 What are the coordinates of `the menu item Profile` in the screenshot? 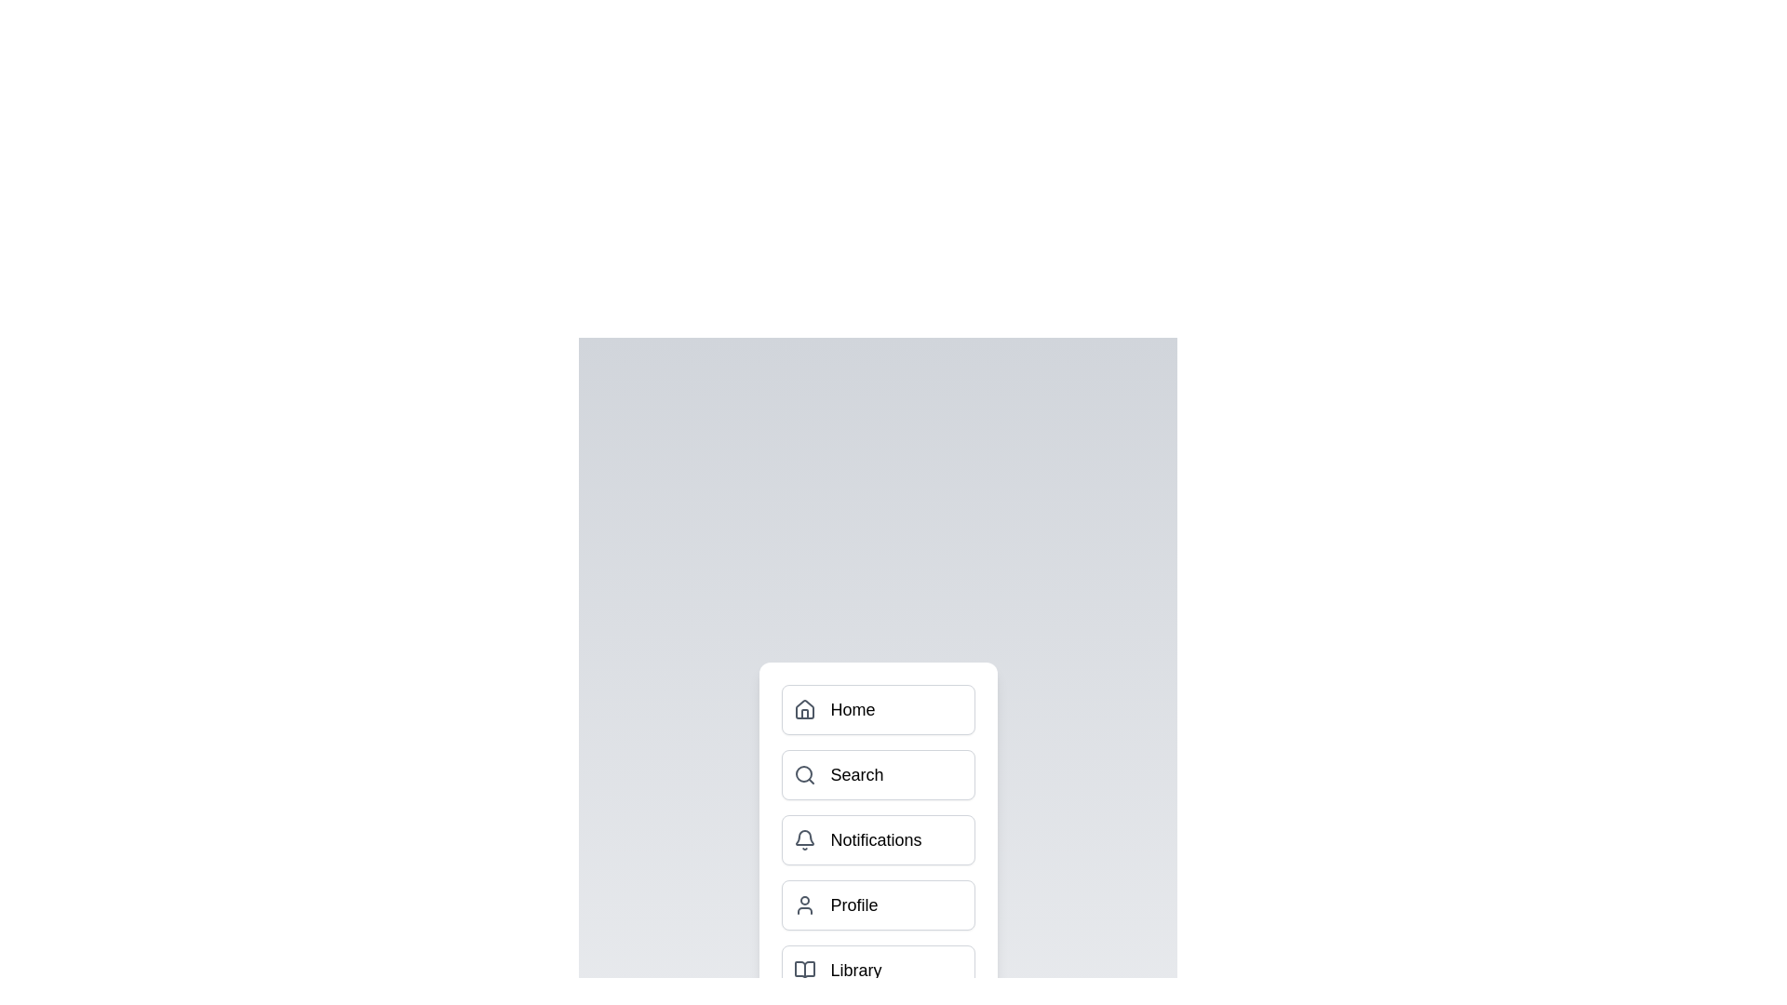 It's located at (877, 904).